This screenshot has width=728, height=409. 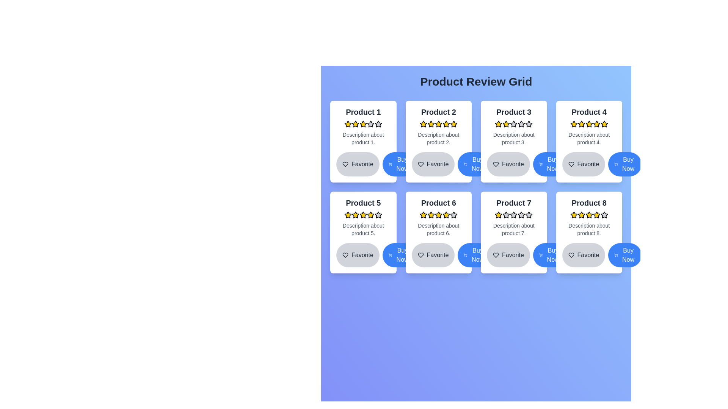 What do you see at coordinates (431, 215) in the screenshot?
I see `the filled yellow star in the second row, sixth position of the five-star rating system` at bounding box center [431, 215].